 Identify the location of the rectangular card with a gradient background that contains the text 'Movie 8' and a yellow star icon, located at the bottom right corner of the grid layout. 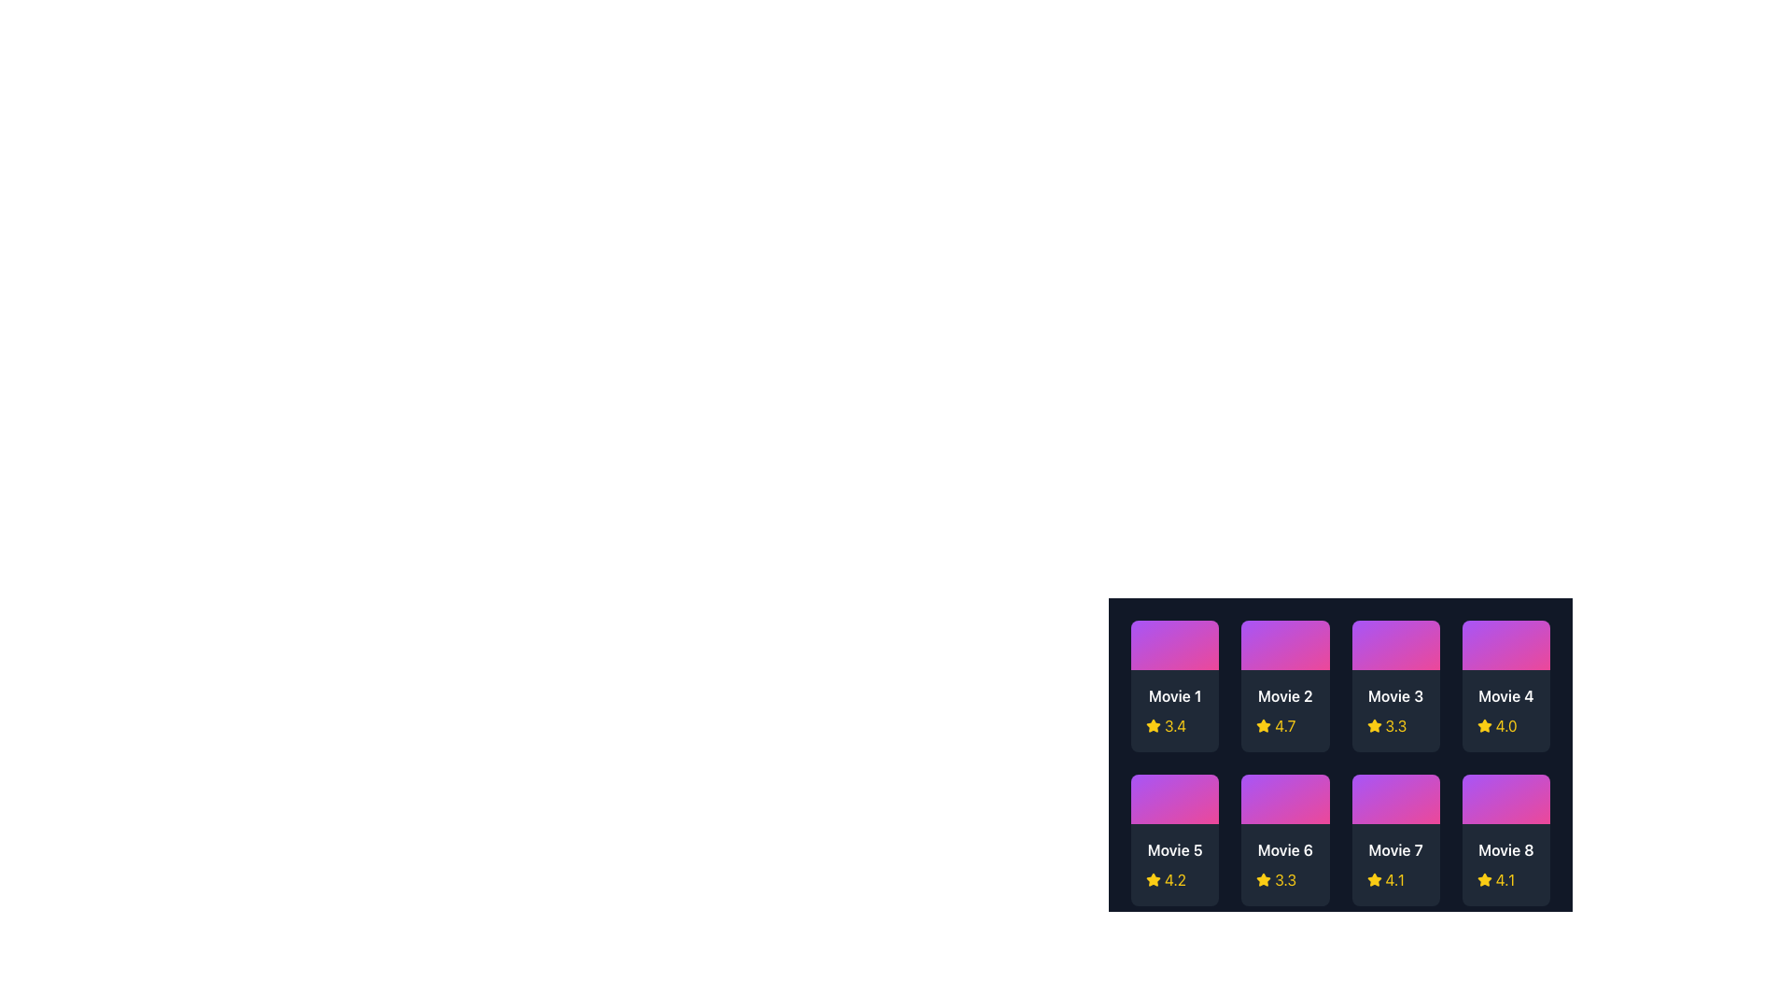
(1505, 840).